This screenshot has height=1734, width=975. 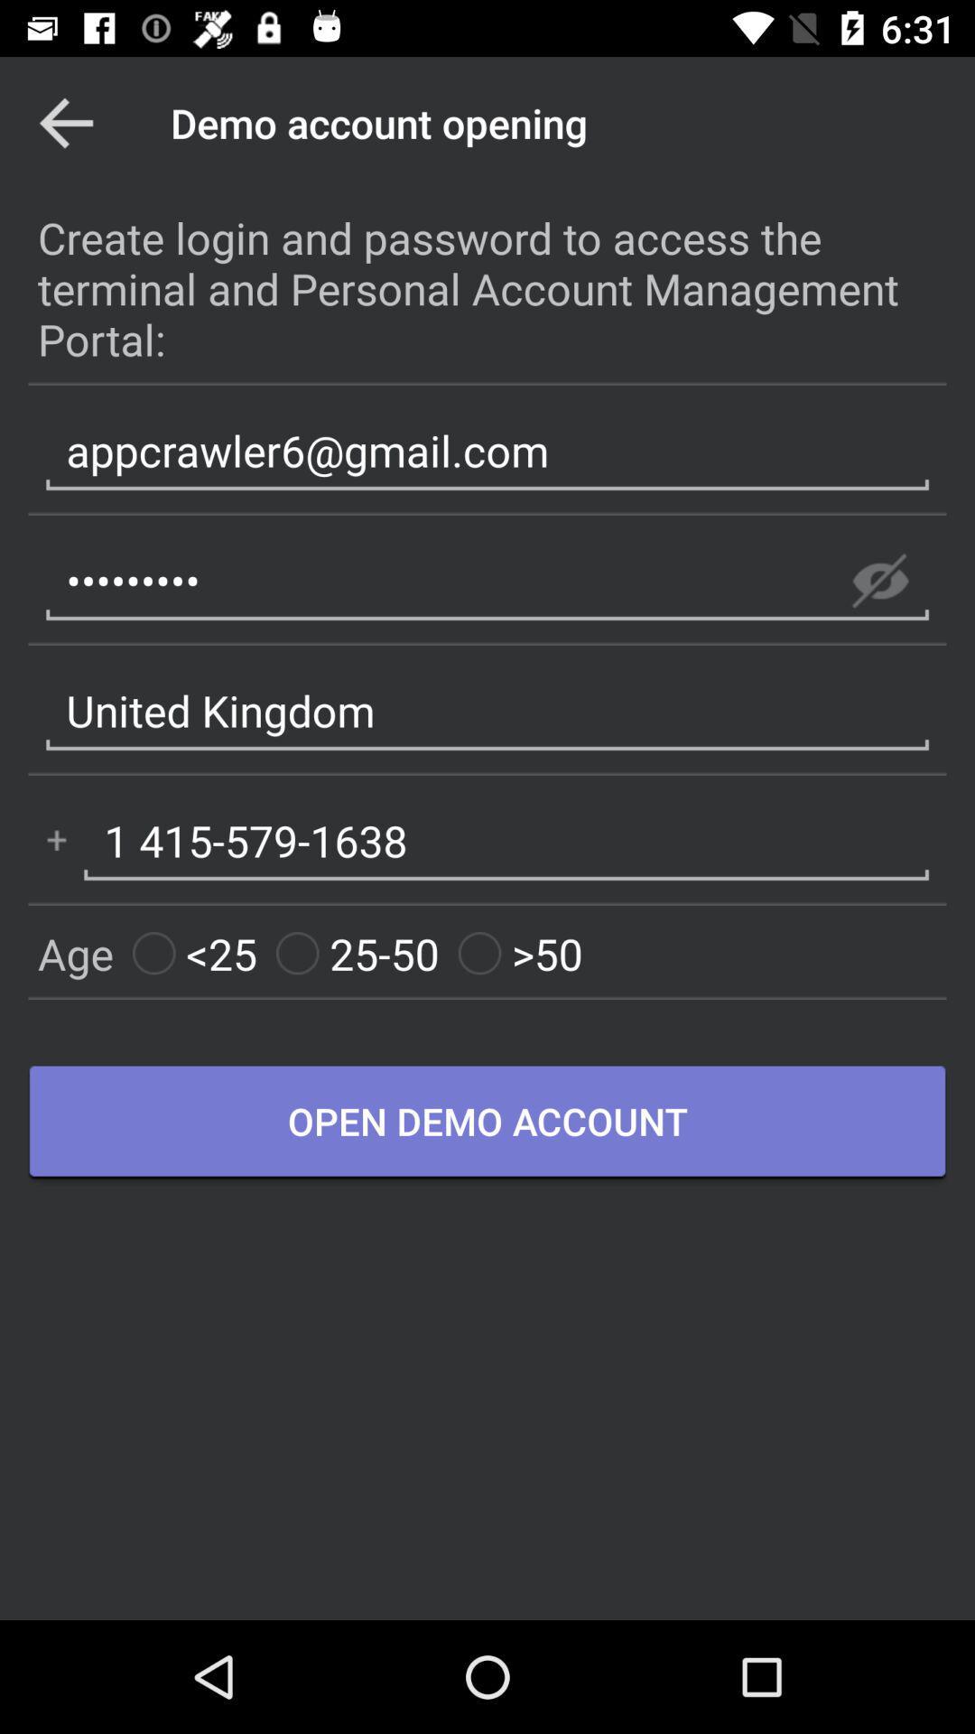 What do you see at coordinates (65, 122) in the screenshot?
I see `previous` at bounding box center [65, 122].